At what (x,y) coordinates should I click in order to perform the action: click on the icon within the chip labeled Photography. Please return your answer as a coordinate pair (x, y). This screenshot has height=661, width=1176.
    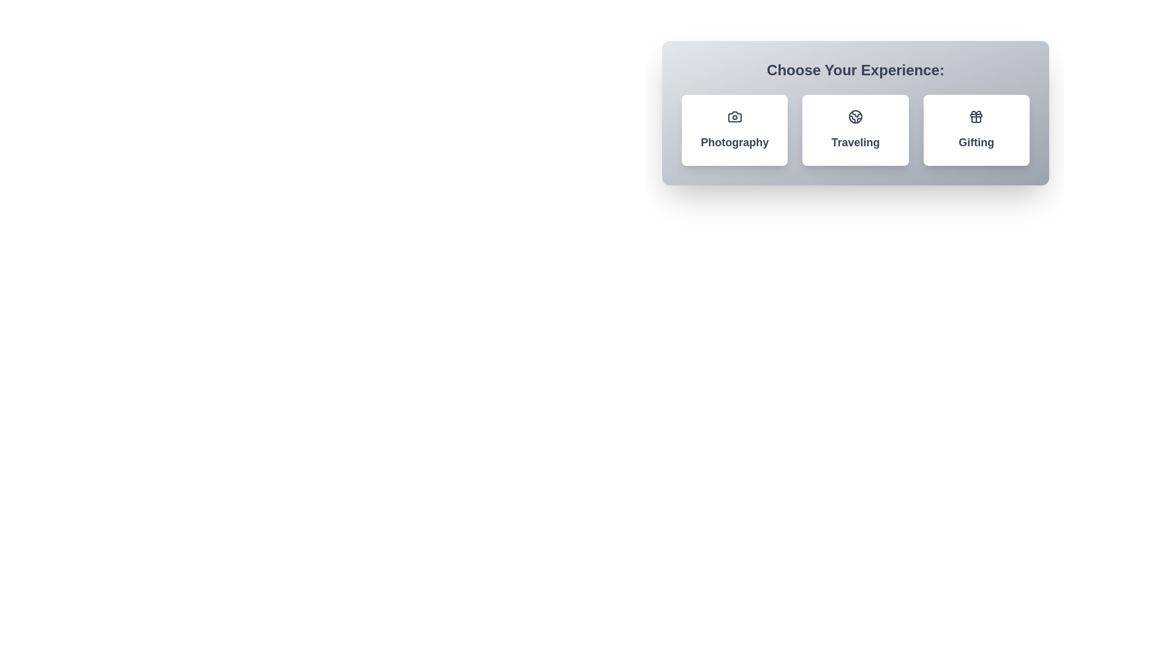
    Looking at the image, I should click on (734, 117).